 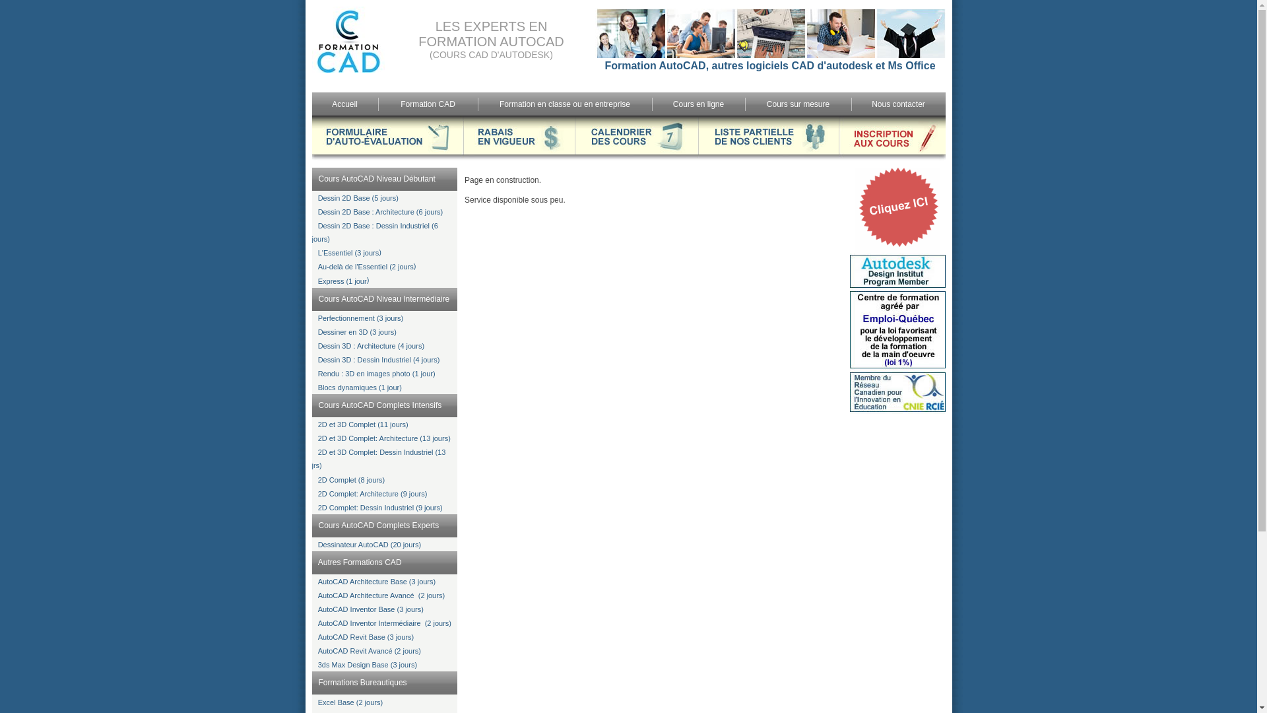 I want to click on 'Formation en classe ou en entreprise', so click(x=564, y=103).